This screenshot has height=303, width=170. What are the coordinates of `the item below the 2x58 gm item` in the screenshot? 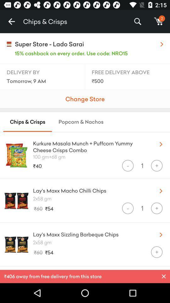 It's located at (127, 208).